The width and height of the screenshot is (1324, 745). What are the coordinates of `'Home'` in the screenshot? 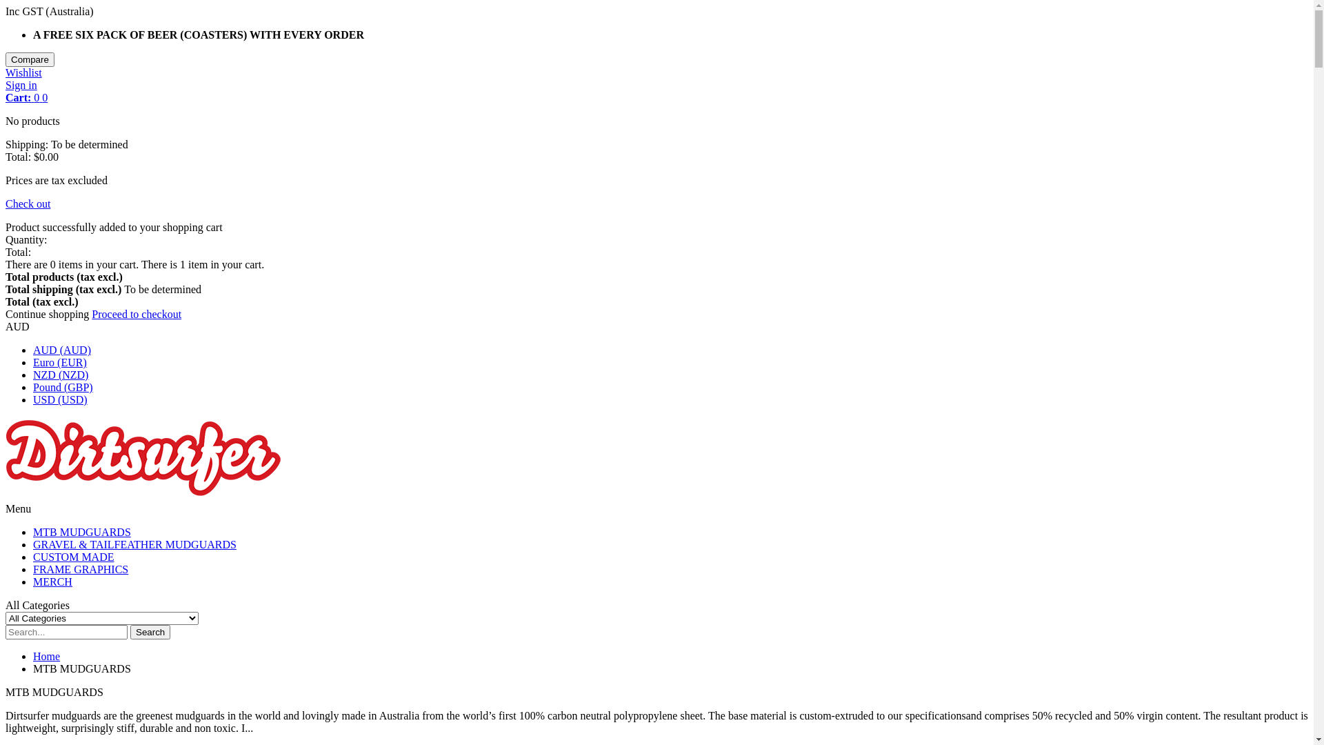 It's located at (46, 655).